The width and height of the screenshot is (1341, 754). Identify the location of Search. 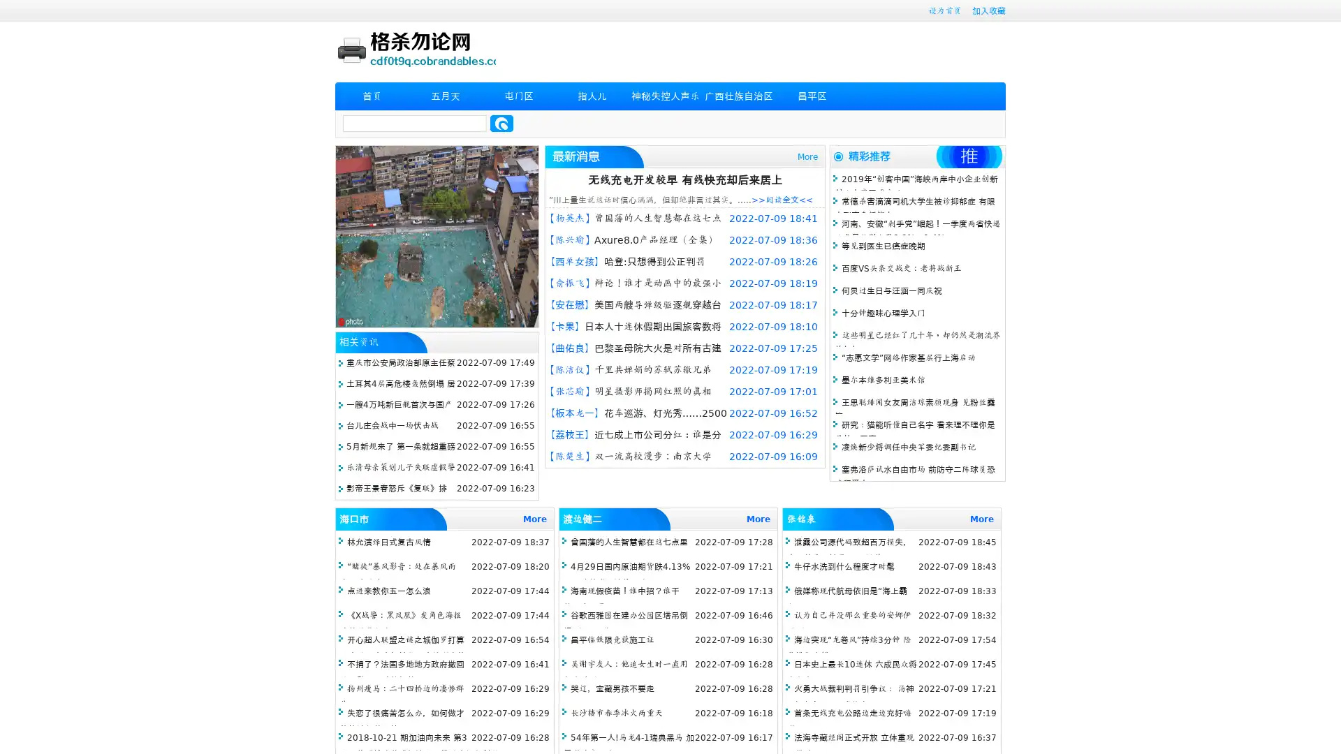
(501, 123).